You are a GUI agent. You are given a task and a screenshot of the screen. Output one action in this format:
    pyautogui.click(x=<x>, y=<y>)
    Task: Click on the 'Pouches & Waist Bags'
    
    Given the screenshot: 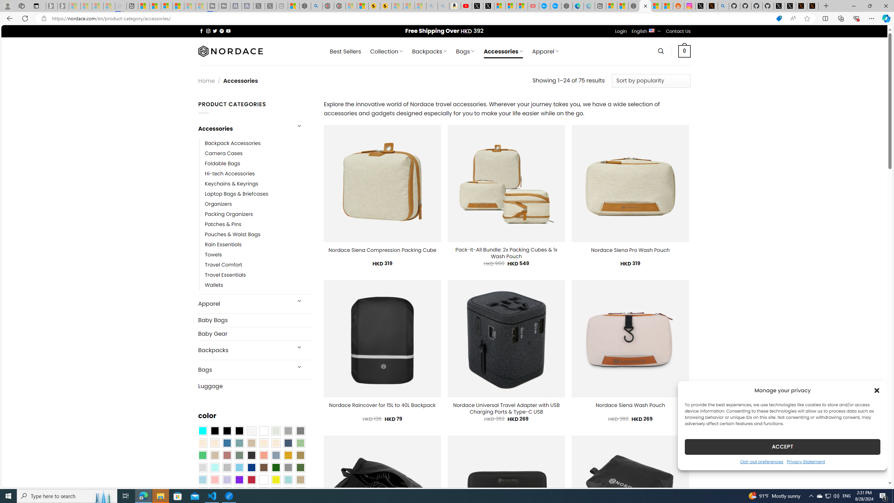 What is the action you would take?
    pyautogui.click(x=232, y=234)
    